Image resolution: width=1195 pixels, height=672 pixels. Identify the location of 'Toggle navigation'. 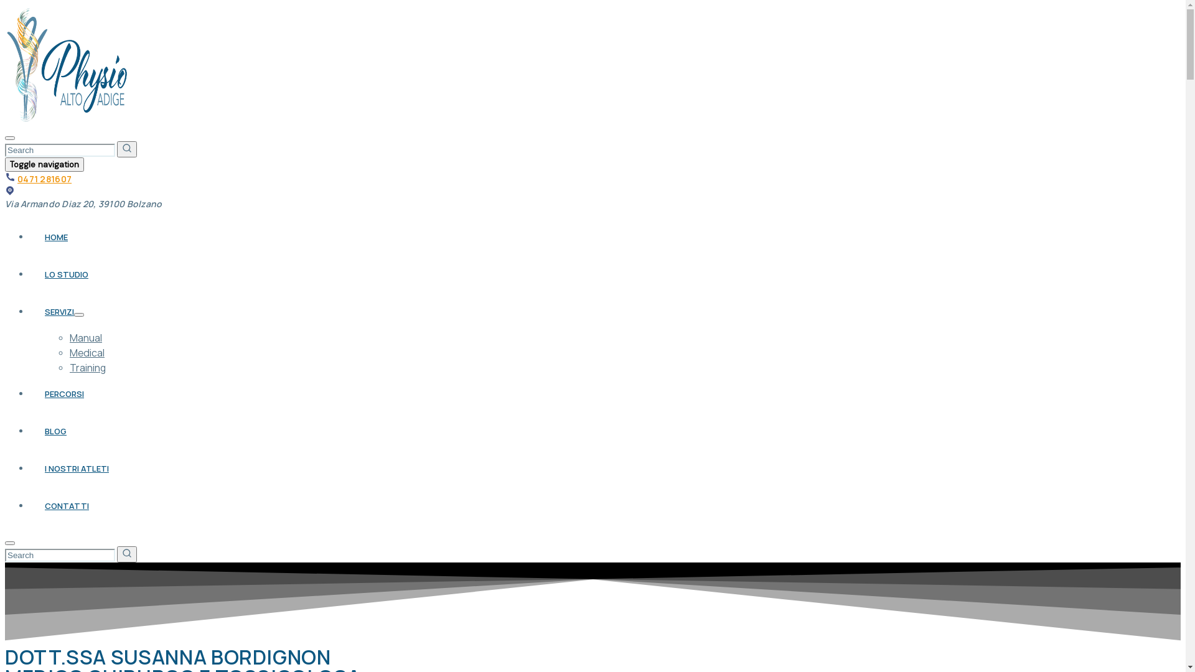
(44, 164).